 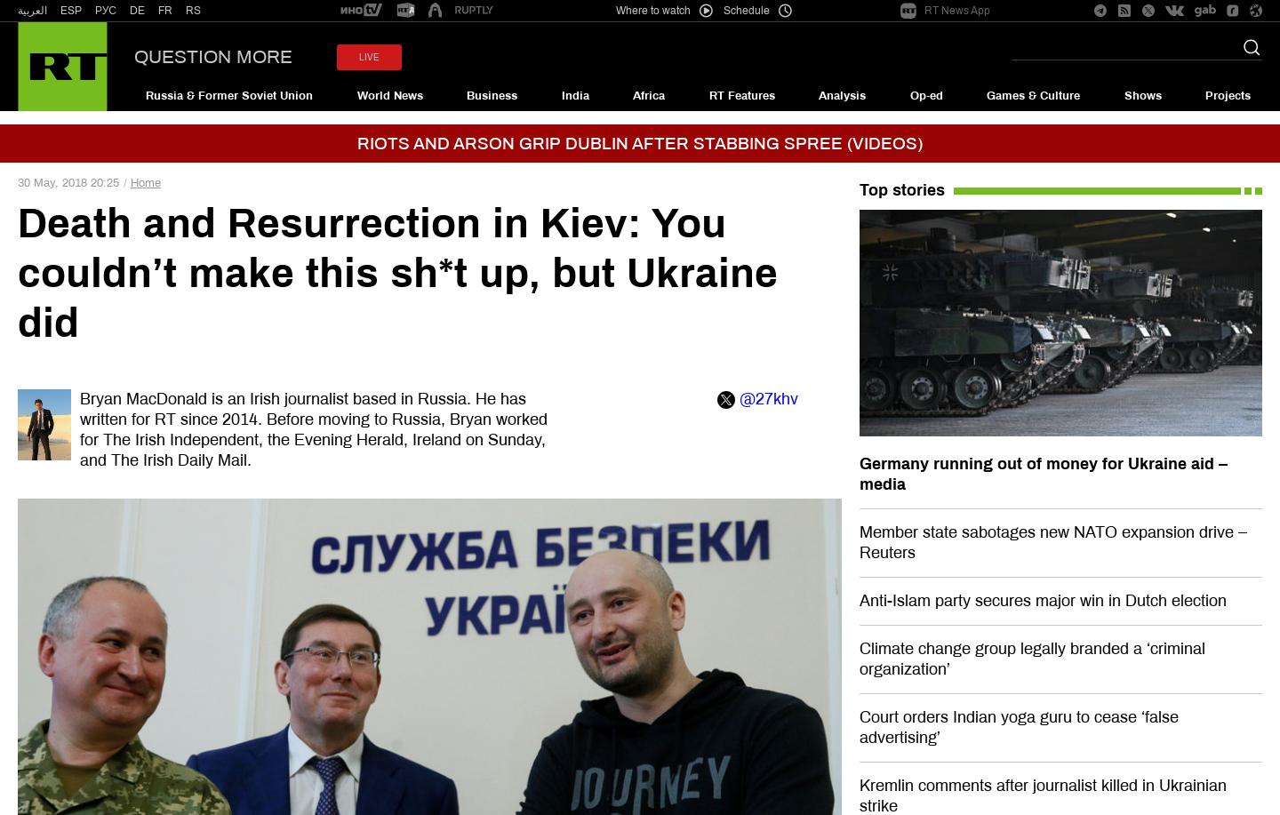 I want to click on 'ESP', so click(x=71, y=11).